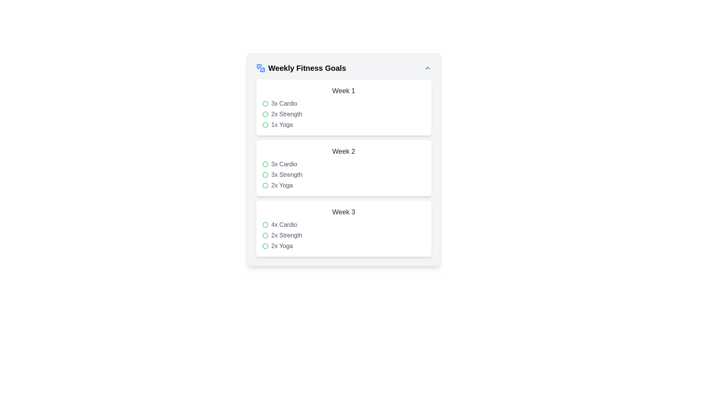 The image size is (728, 409). Describe the element at coordinates (265, 175) in the screenshot. I see `the green circular icon located next to the text '3x Strength' in the Week 2 section of the Weekly Fitness Goals interface` at that location.